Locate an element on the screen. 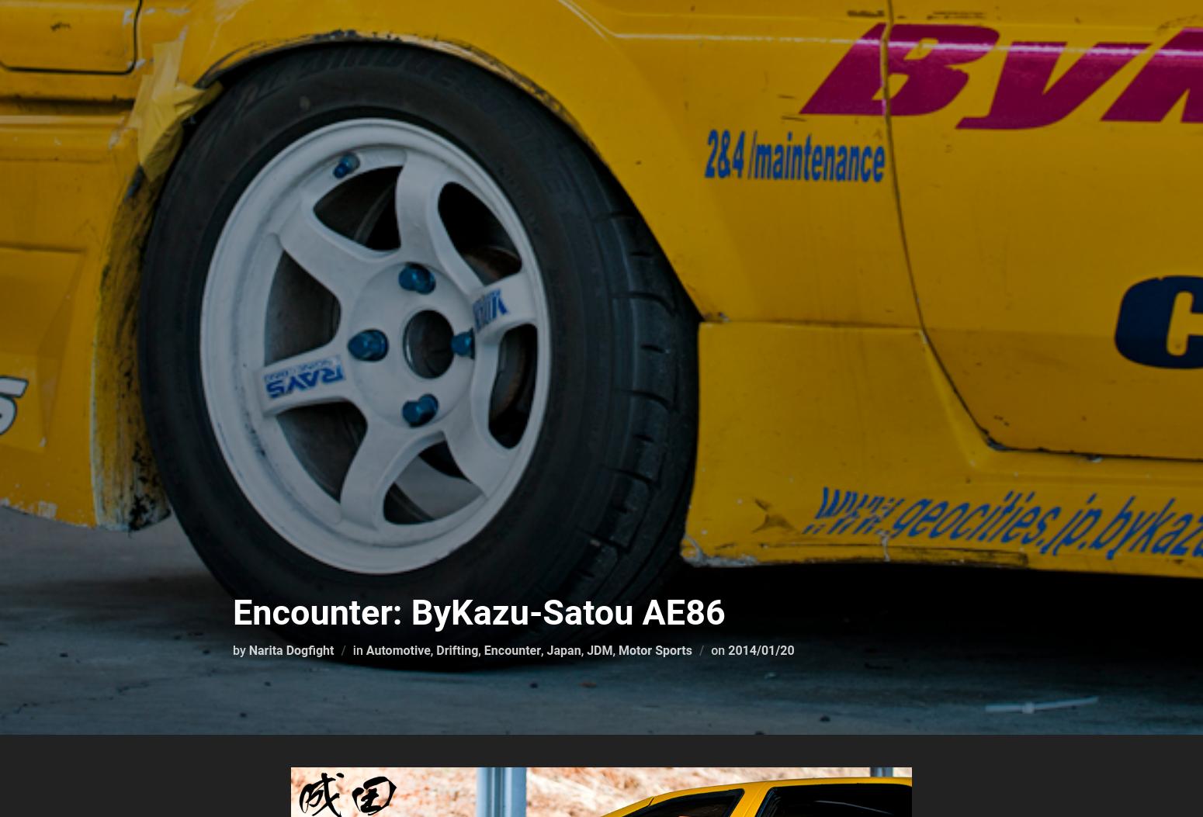 The width and height of the screenshot is (1203, 817). 'by' is located at coordinates (232, 649).